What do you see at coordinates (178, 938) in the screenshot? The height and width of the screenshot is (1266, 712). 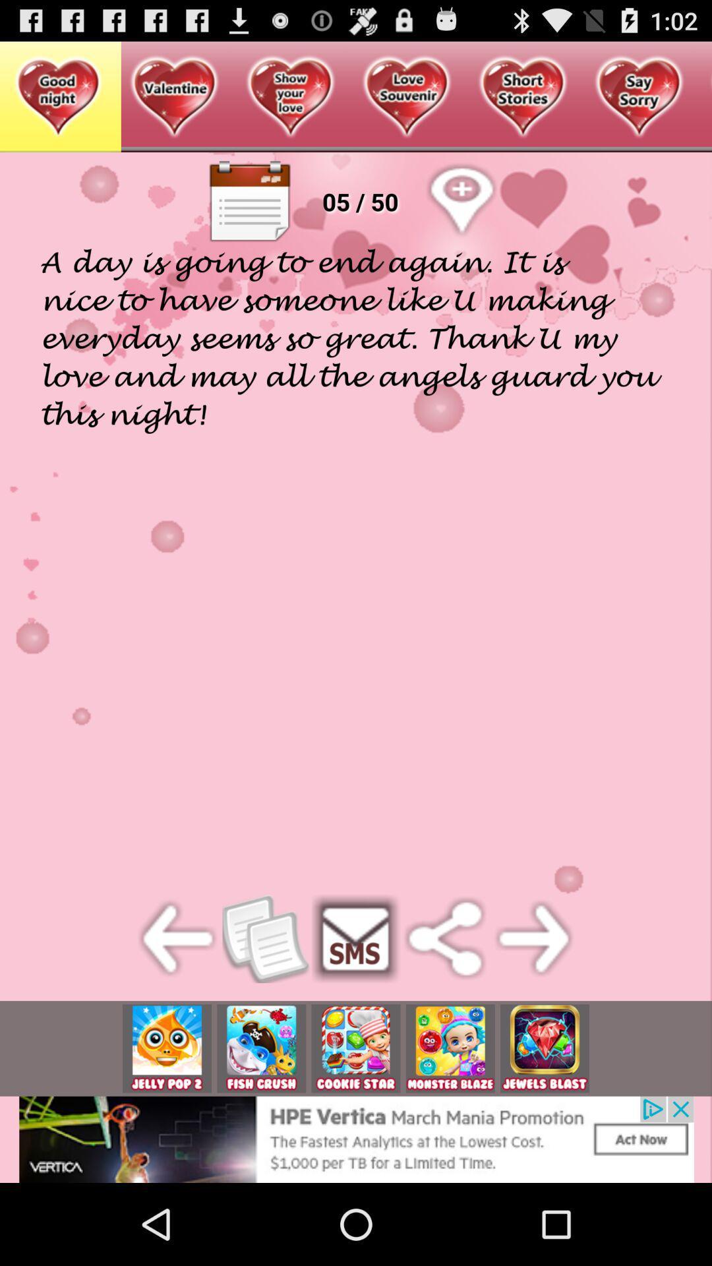 I see `before` at bounding box center [178, 938].